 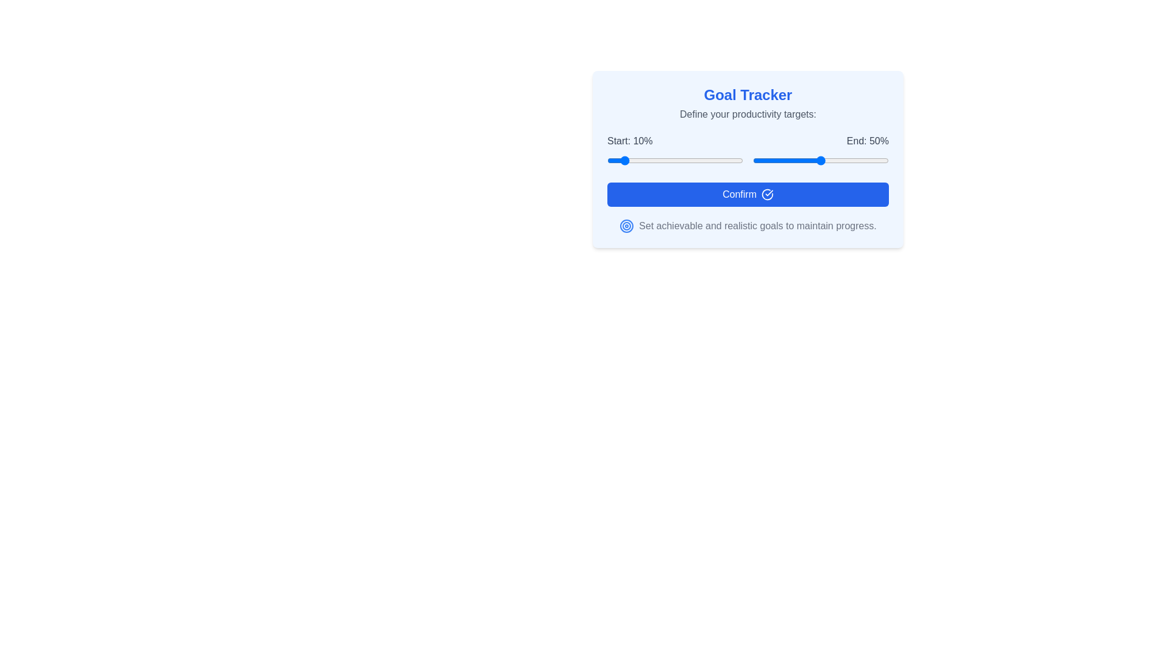 I want to click on the decorative outer circle of the 'Check' icon, which signifies success or confirmation visually, located between the text 'Confirm' and the surrounding button area, so click(x=767, y=193).